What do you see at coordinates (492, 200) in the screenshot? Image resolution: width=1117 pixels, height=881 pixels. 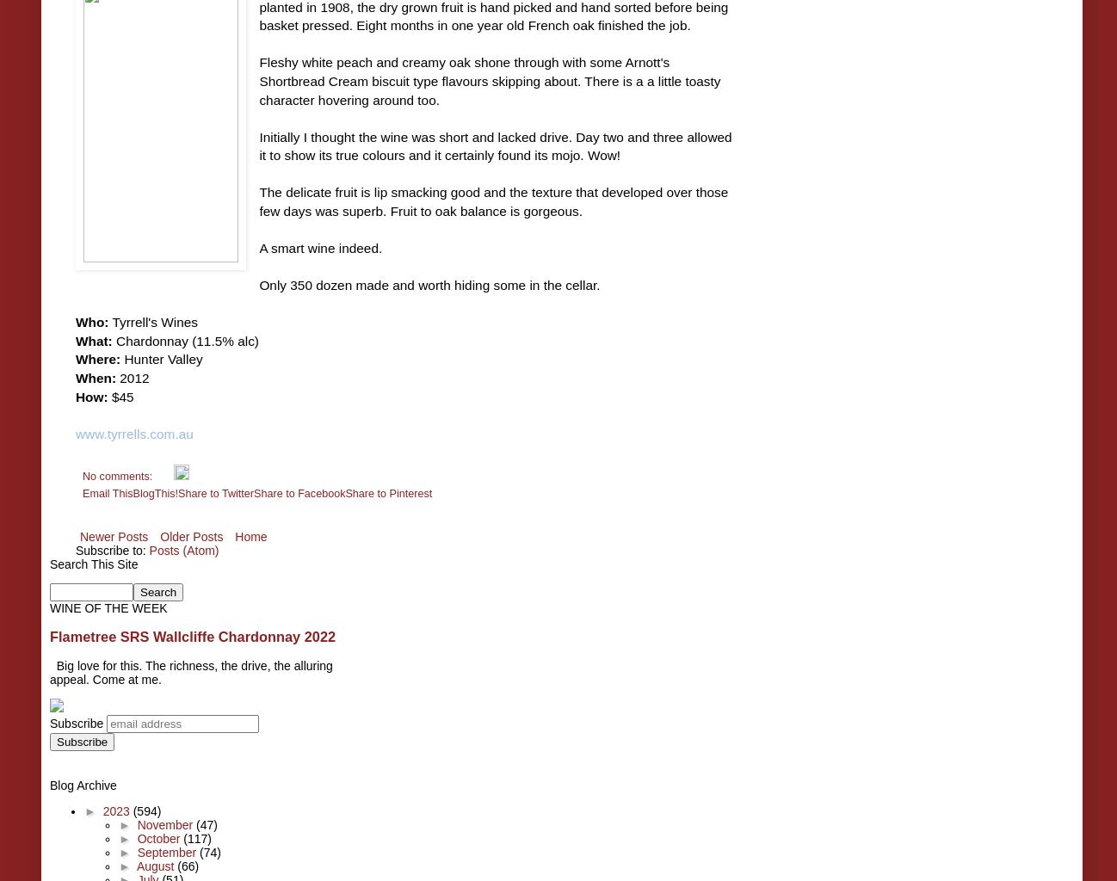 I see `'The delicate fruit is lip smacking good and the texture that developed over those few days was superb. Fruit to oak balance is gorgeous.'` at bounding box center [492, 200].